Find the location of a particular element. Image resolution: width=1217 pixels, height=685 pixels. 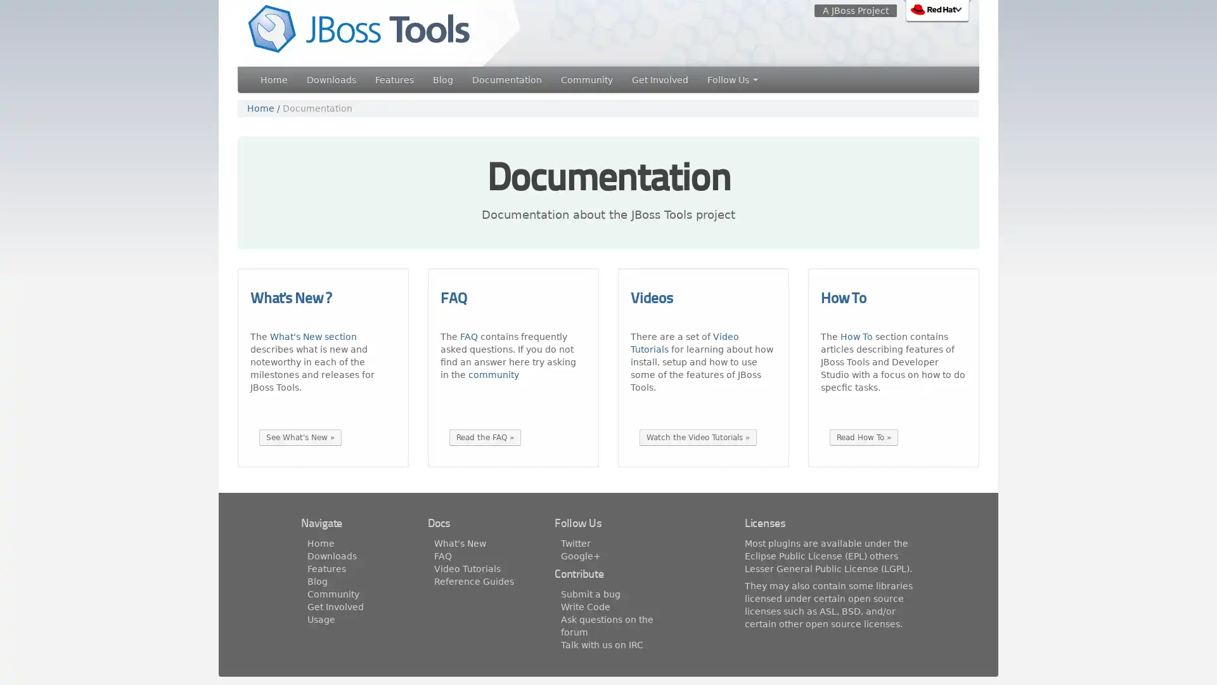

Read How To is located at coordinates (863, 437).